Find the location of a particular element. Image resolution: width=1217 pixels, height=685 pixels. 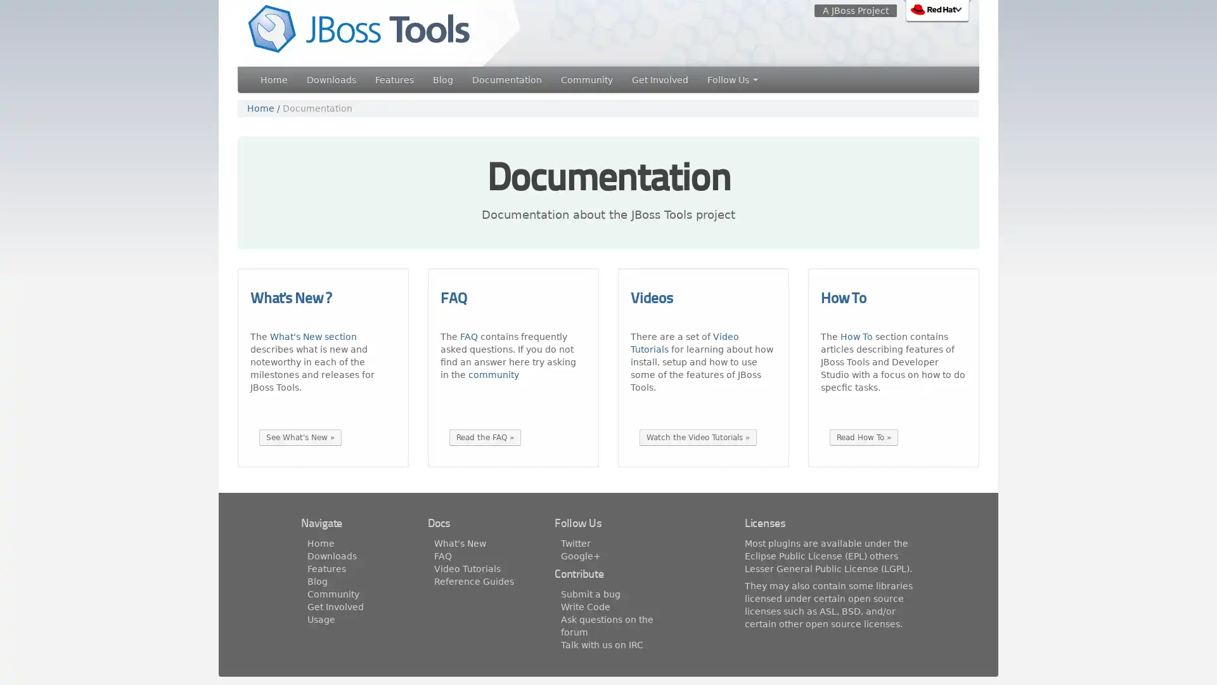

Read How To is located at coordinates (863, 437).